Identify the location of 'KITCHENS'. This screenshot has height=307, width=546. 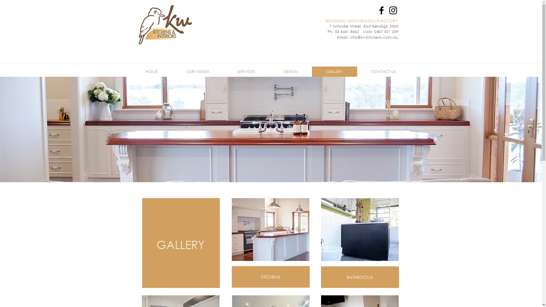
(270, 277).